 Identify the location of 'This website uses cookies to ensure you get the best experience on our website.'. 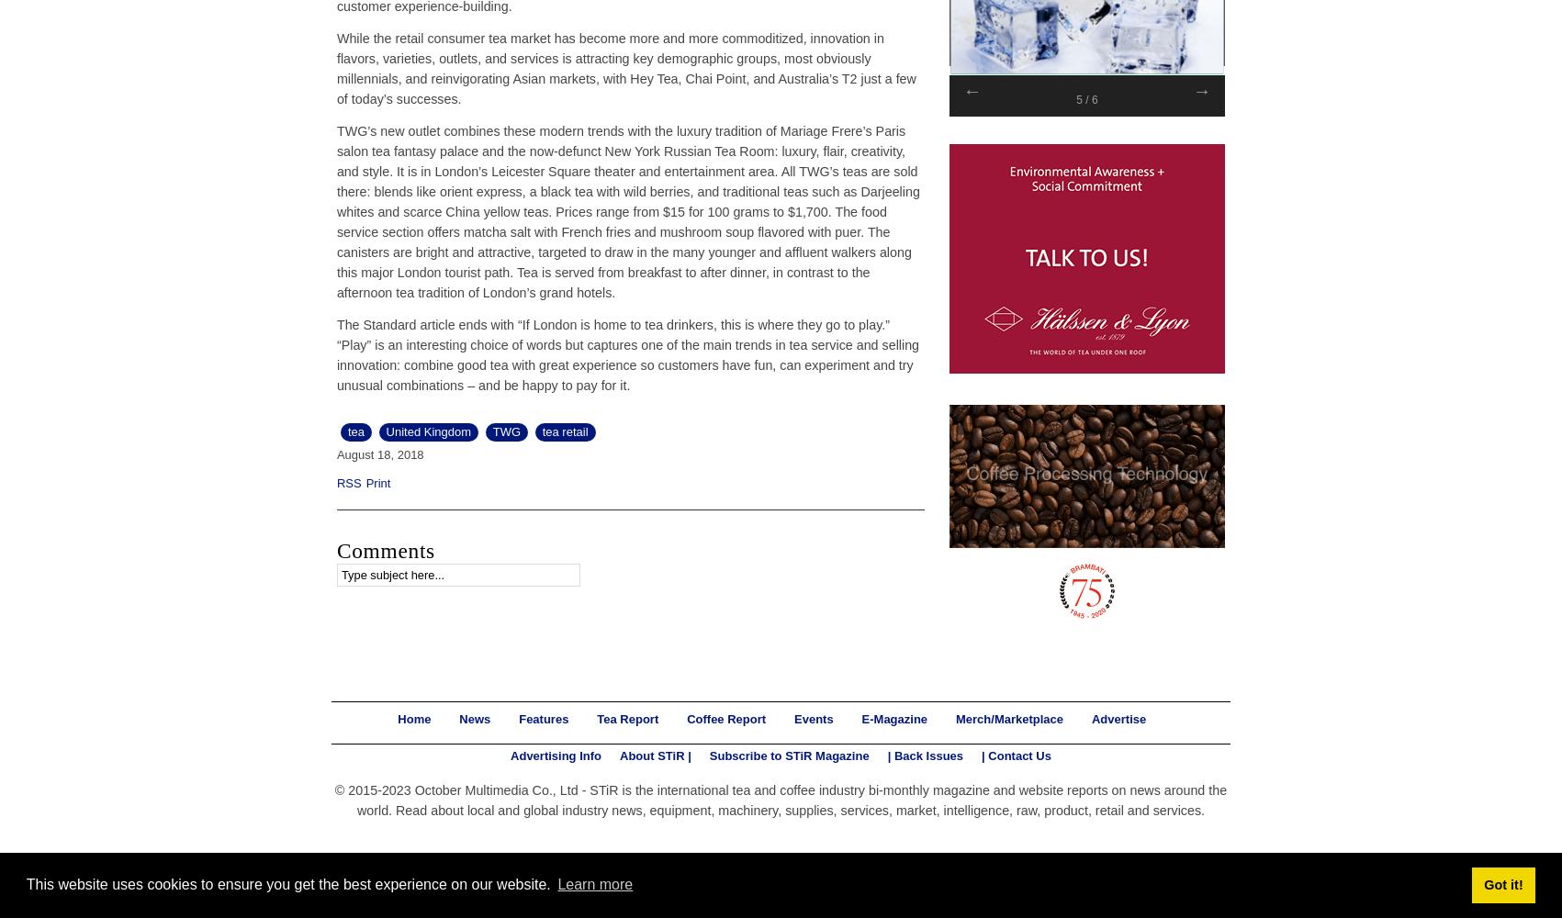
(290, 883).